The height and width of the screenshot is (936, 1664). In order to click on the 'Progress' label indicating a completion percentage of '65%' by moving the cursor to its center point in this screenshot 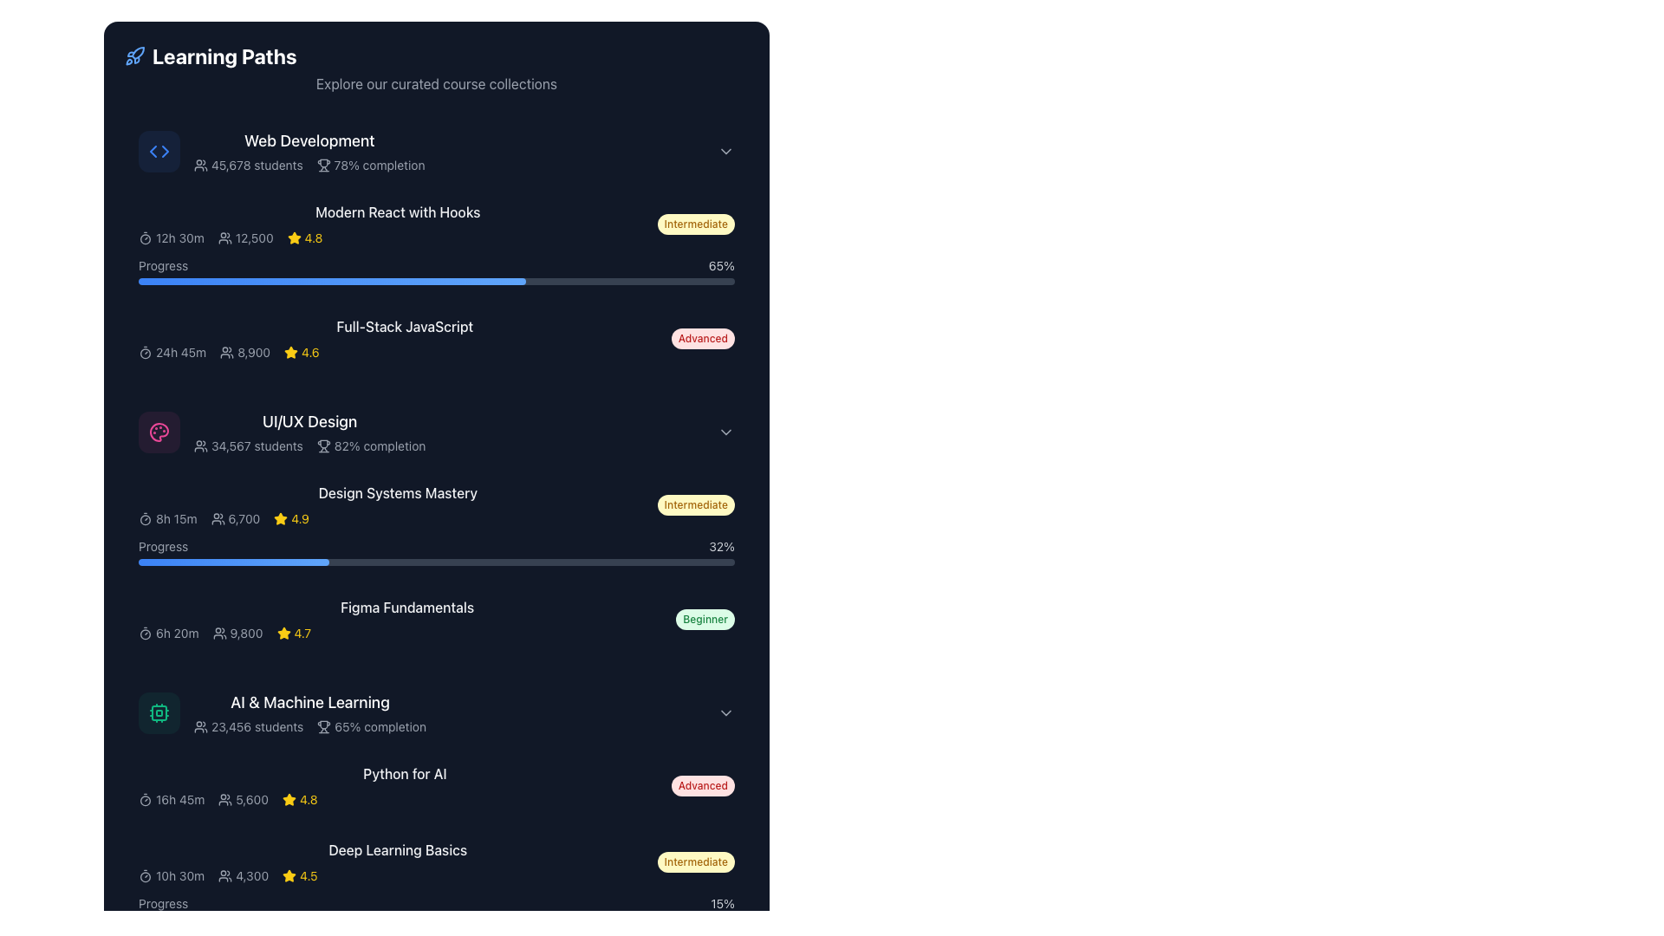, I will do `click(163, 266)`.